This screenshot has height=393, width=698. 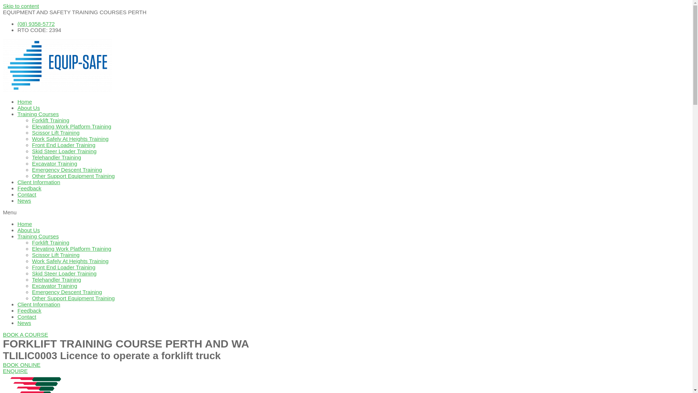 What do you see at coordinates (27, 194) in the screenshot?
I see `'Contact'` at bounding box center [27, 194].